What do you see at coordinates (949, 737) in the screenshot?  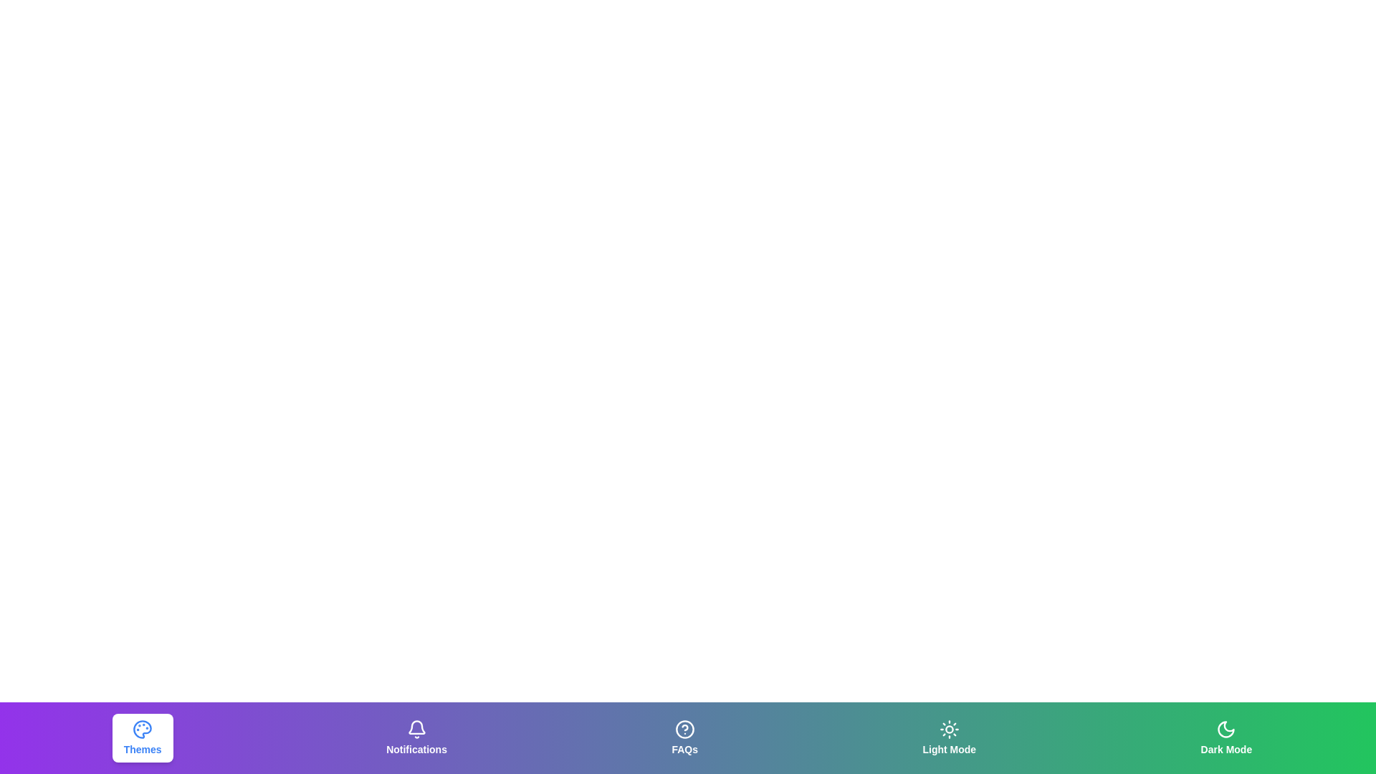 I see `the tab labeled Light Mode to select it` at bounding box center [949, 737].